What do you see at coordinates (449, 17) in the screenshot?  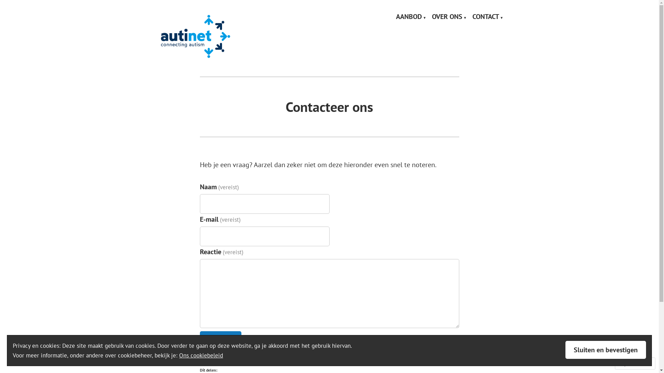 I see `'OVER ONS'` at bounding box center [449, 17].